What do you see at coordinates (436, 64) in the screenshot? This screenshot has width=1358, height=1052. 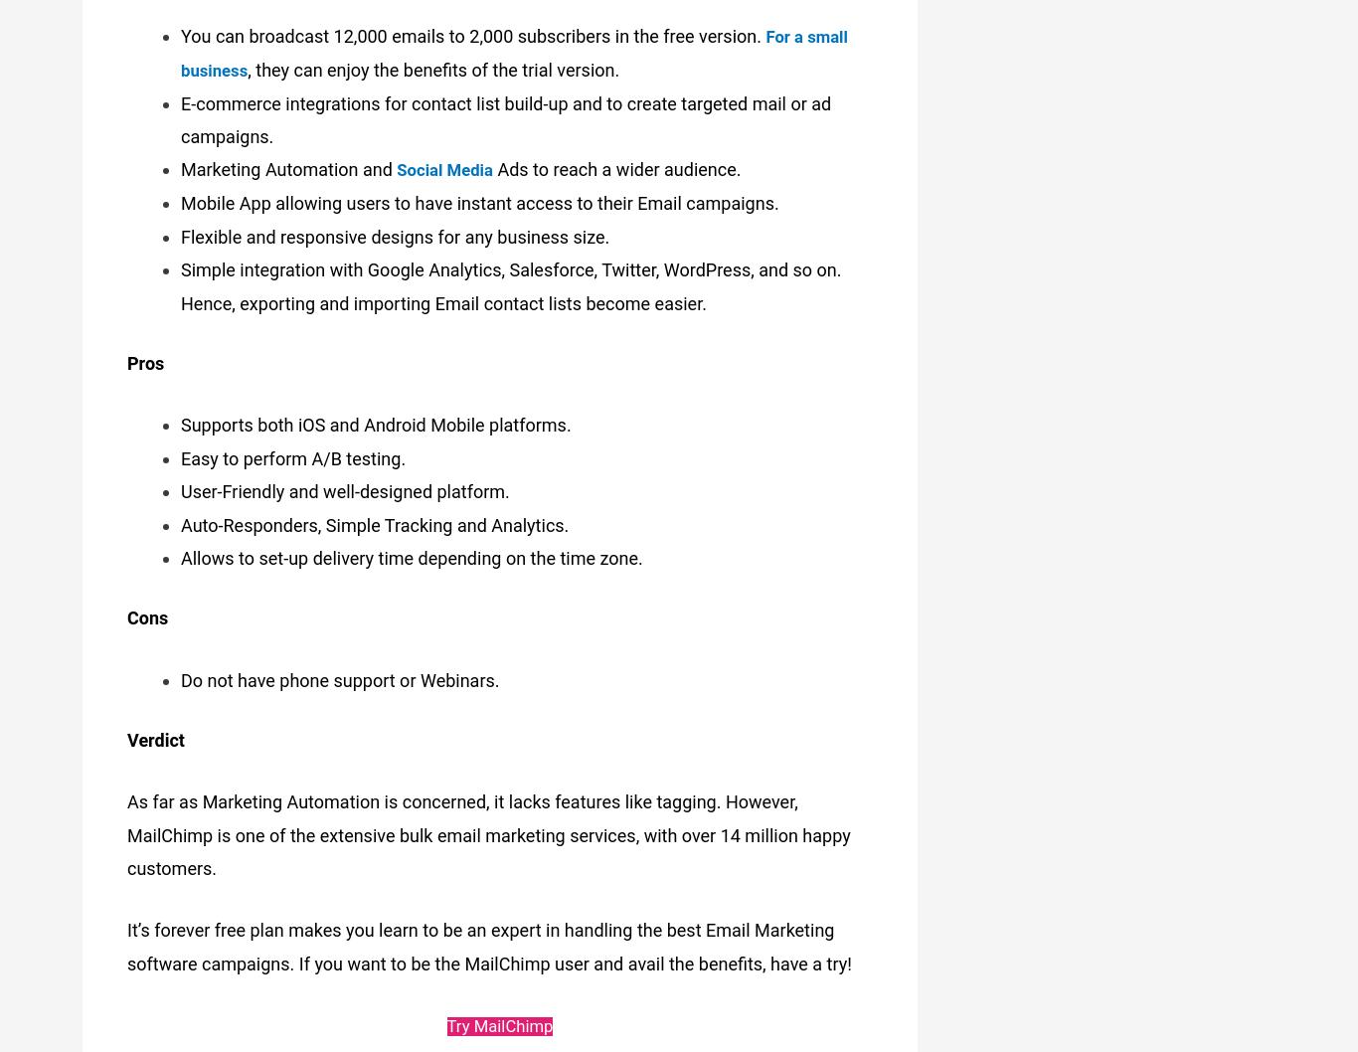 I see `', they can enjoy the benefits of the trial version.'` at bounding box center [436, 64].